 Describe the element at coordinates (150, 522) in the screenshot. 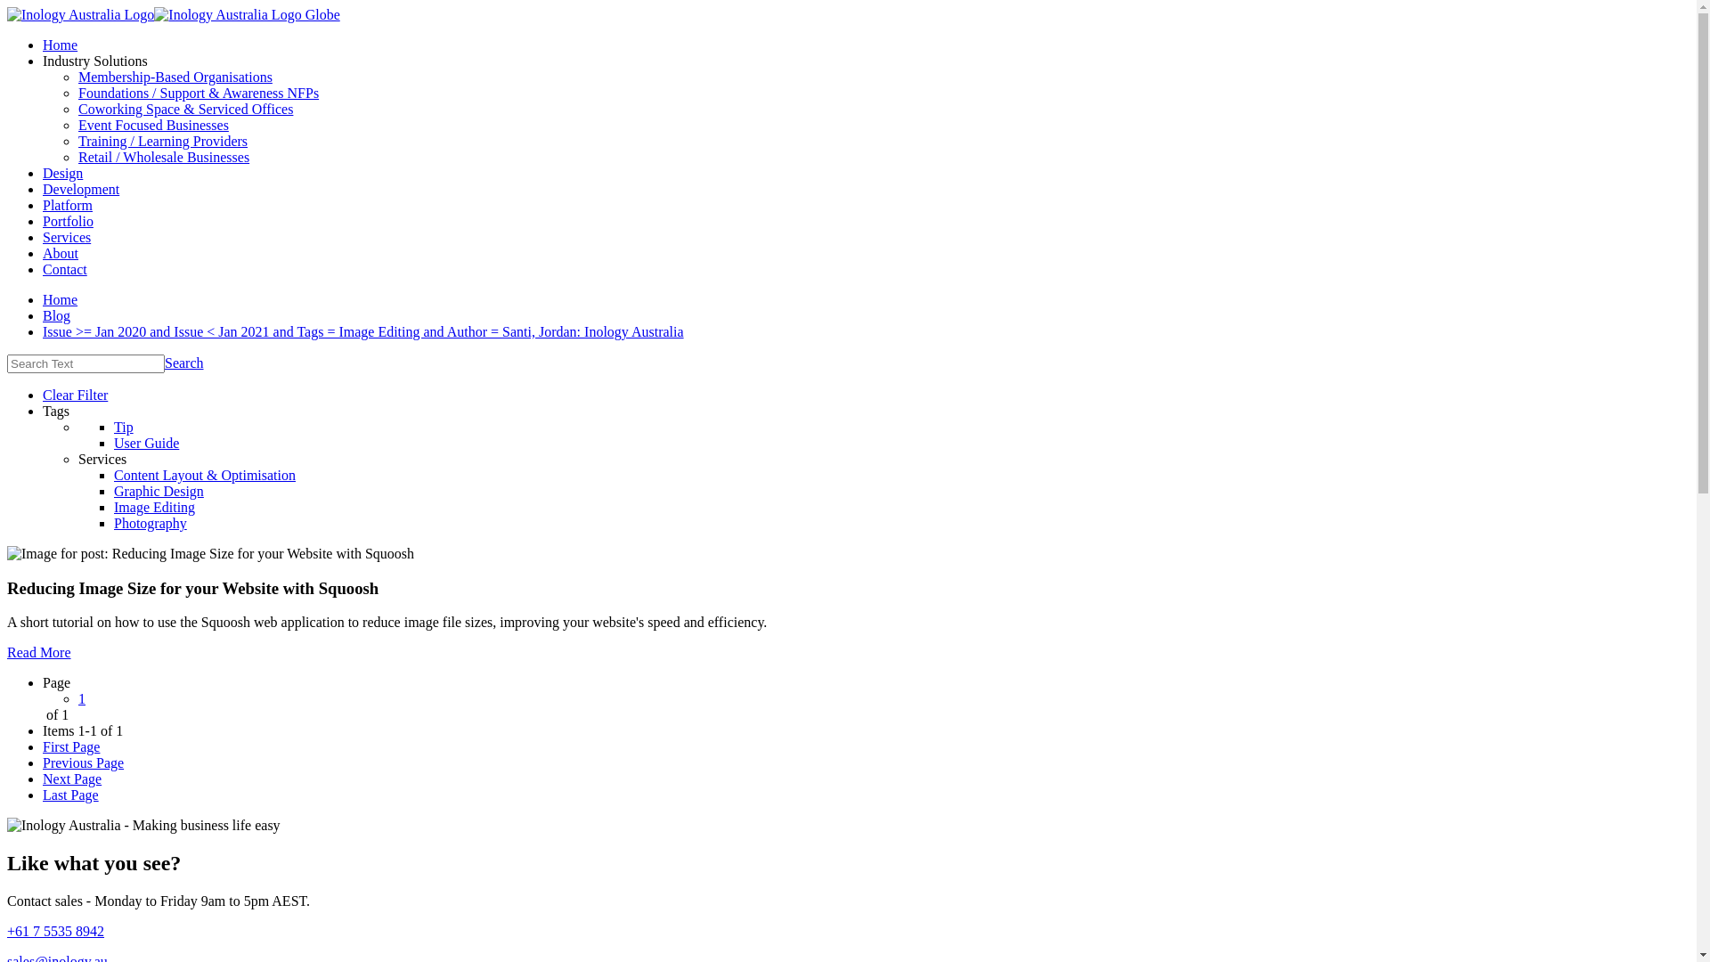

I see `'Photography'` at that location.